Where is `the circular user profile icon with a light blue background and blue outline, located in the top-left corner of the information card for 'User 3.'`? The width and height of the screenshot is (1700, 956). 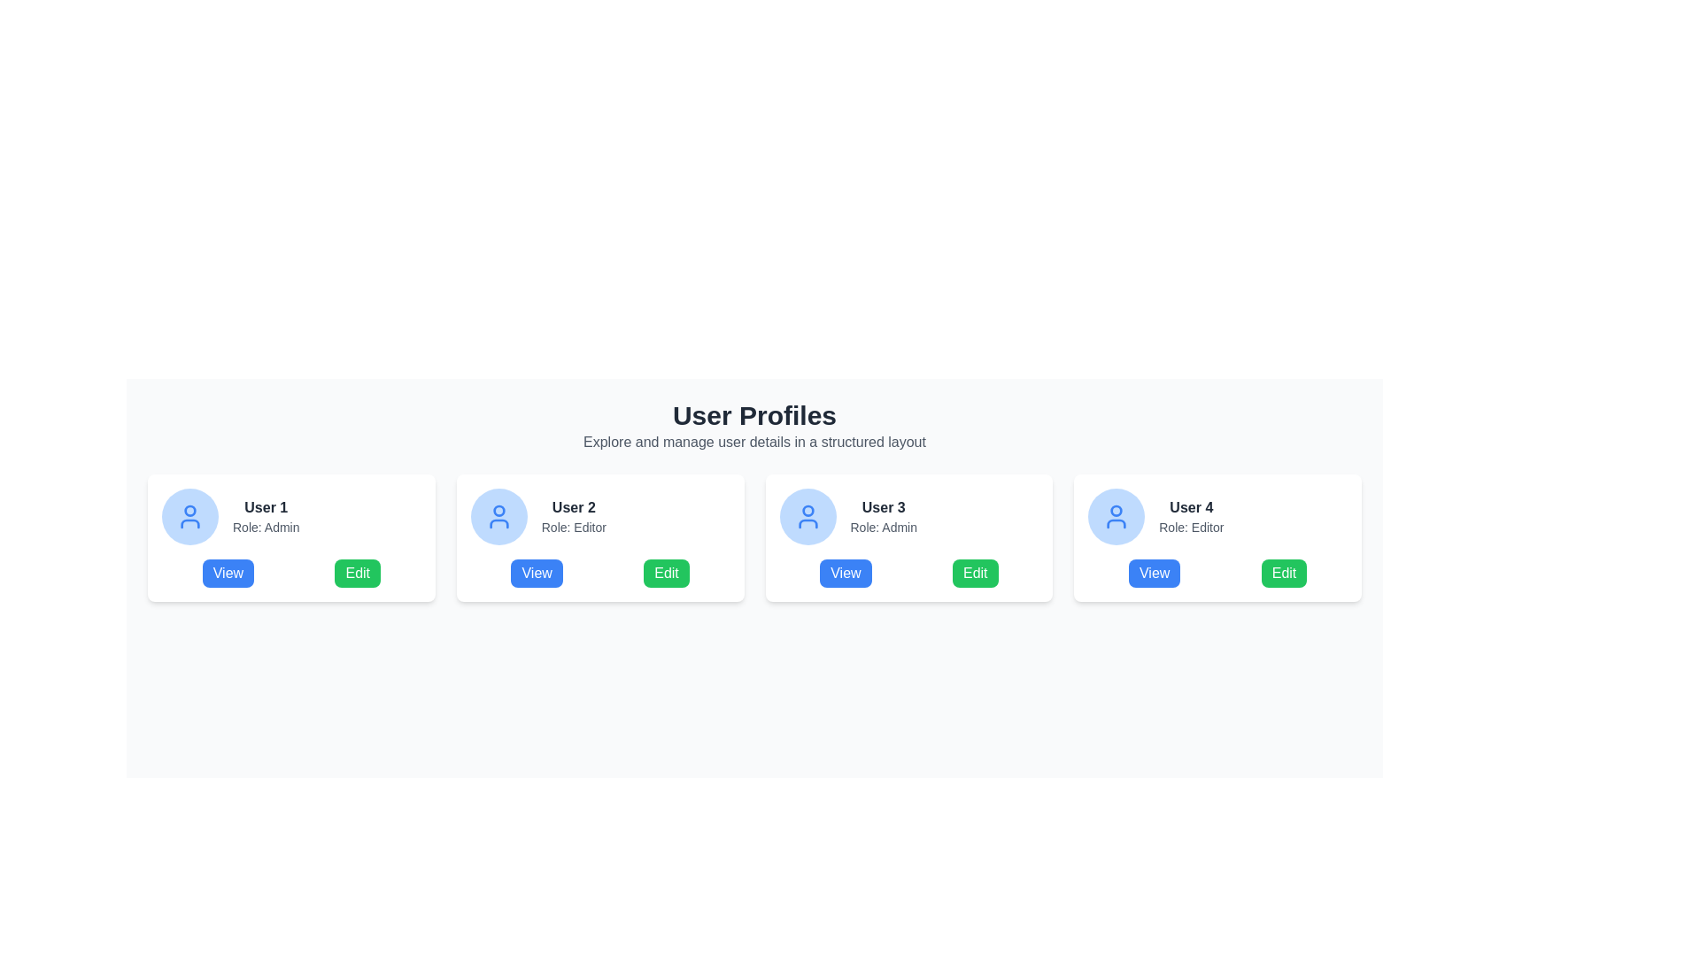 the circular user profile icon with a light blue background and blue outline, located in the top-left corner of the information card for 'User 3.' is located at coordinates (807, 516).